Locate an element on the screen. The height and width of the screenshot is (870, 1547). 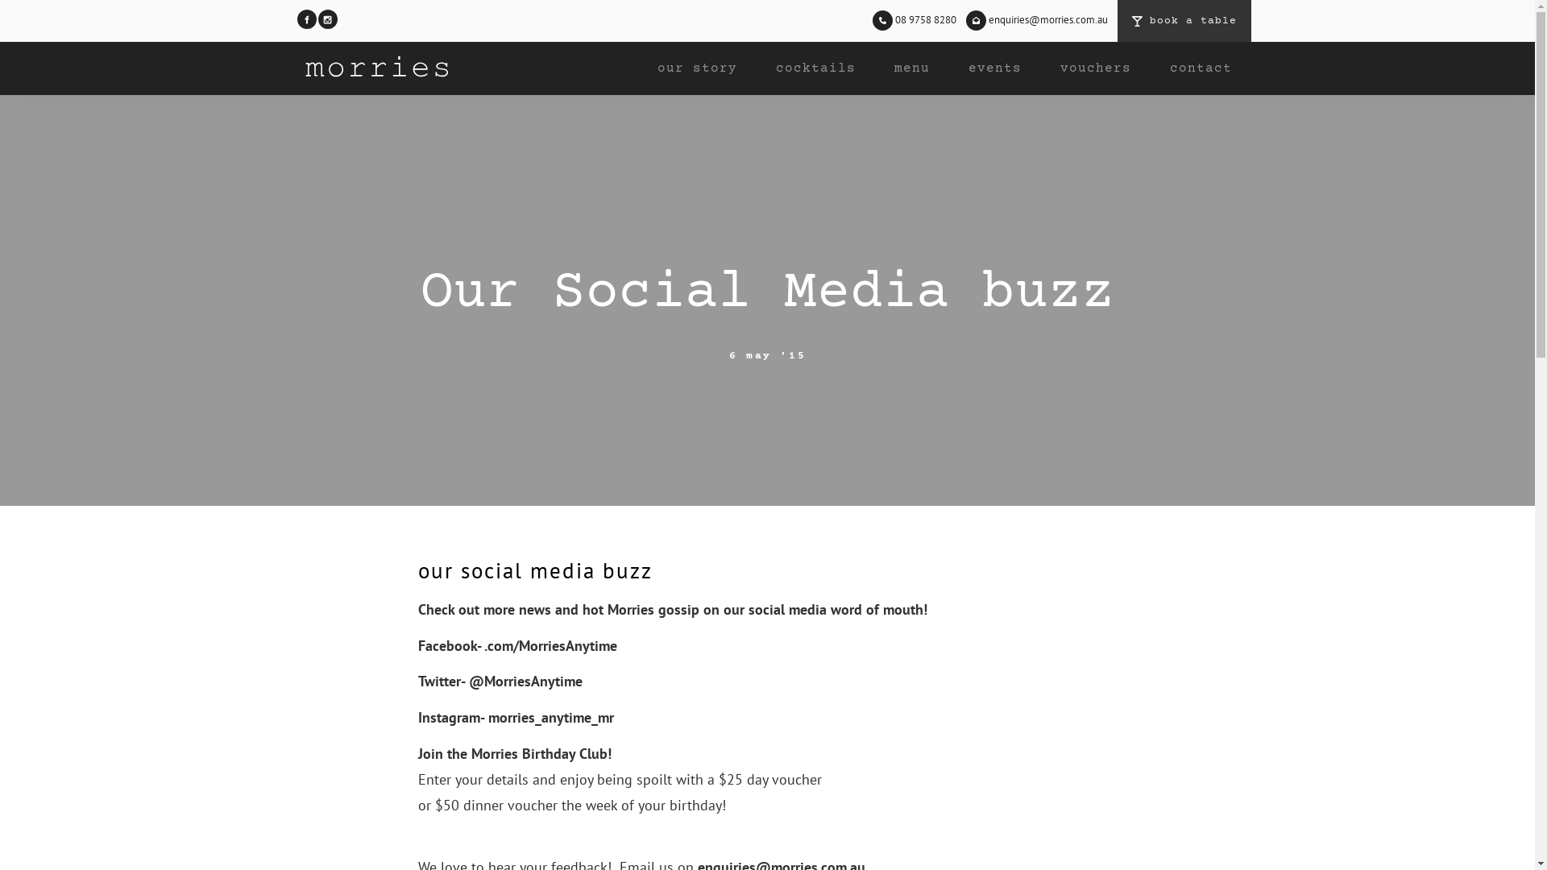
'Join the Morries Birthday Club!' is located at coordinates (513, 753).